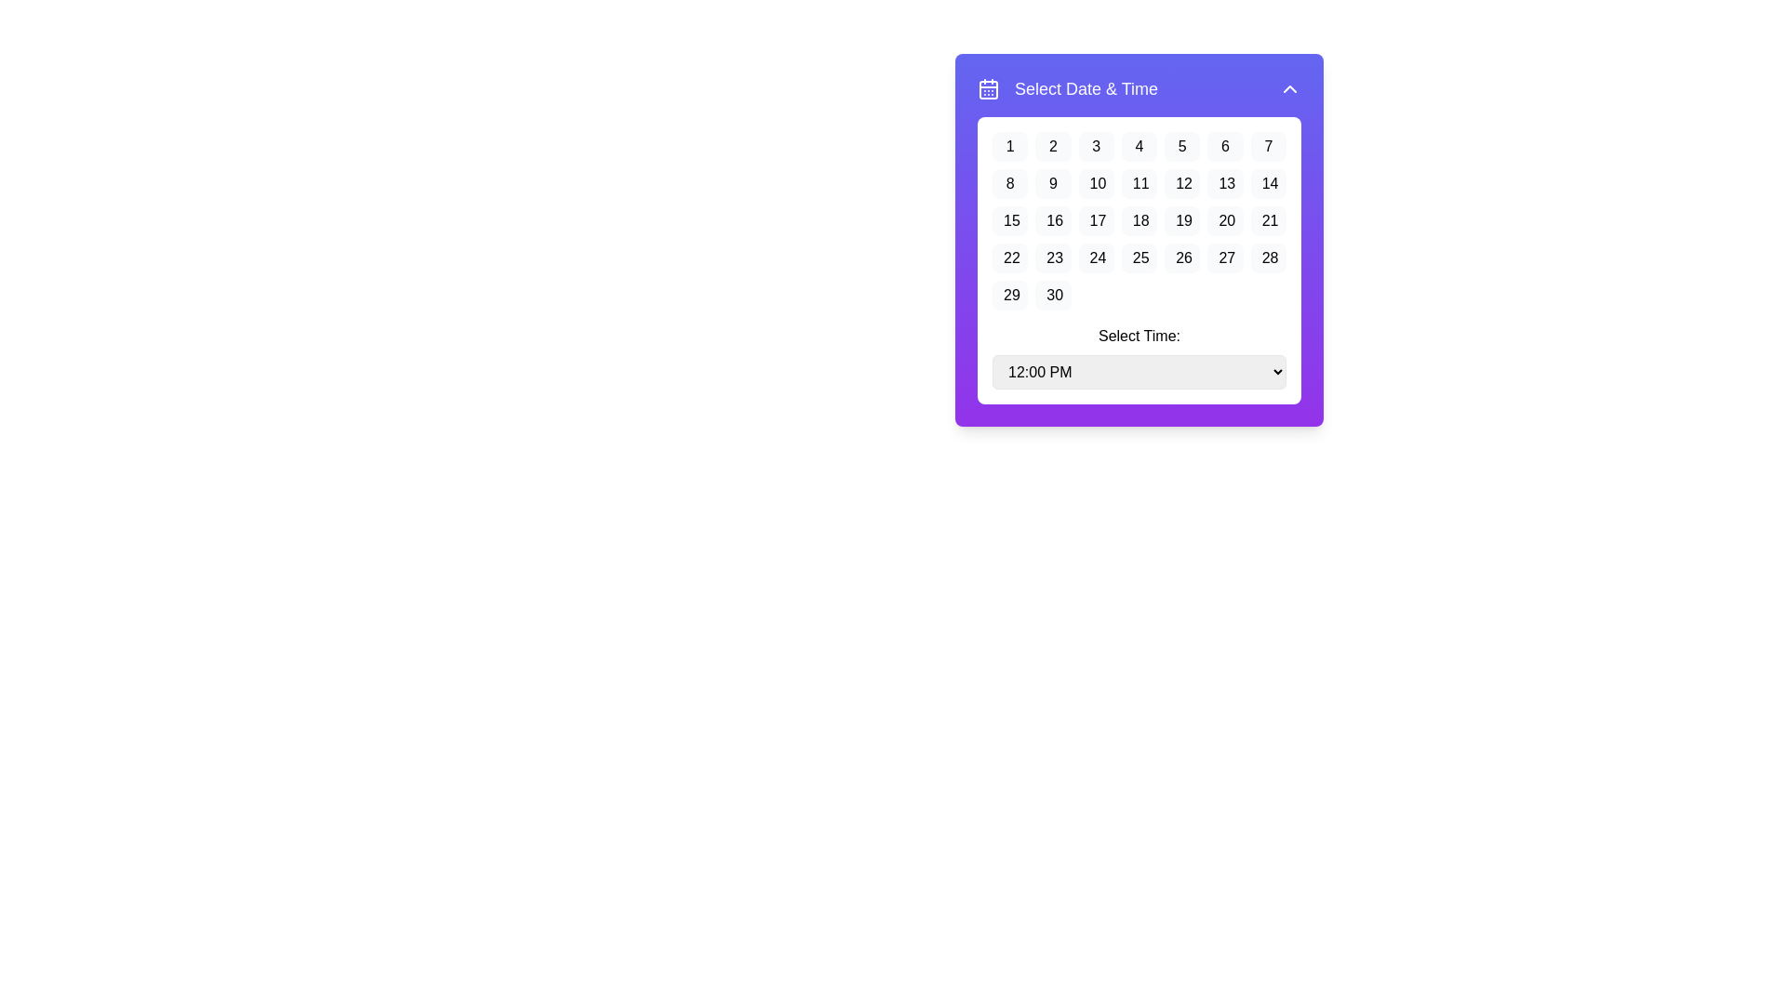 The height and width of the screenshot is (1004, 1786). Describe the element at coordinates (1225, 220) in the screenshot. I see `the calendar day selector button` at that location.